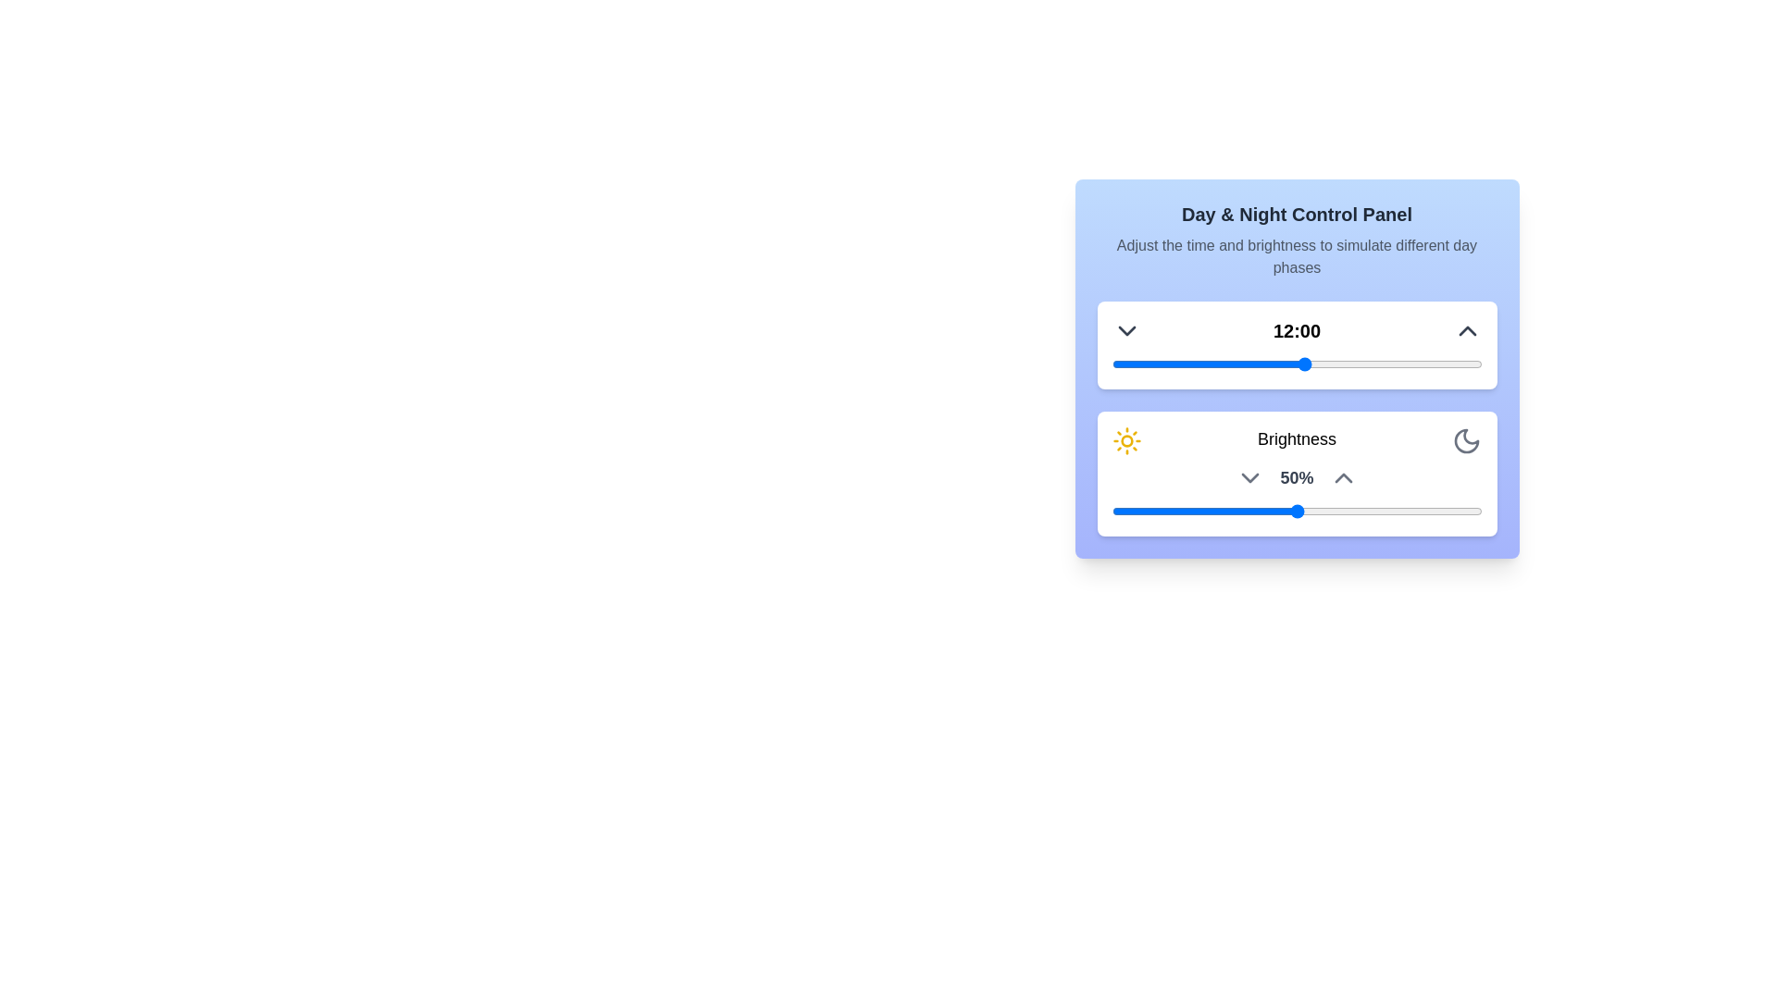 The width and height of the screenshot is (1777, 999). Describe the element at coordinates (1111, 511) in the screenshot. I see `brightness` at that location.